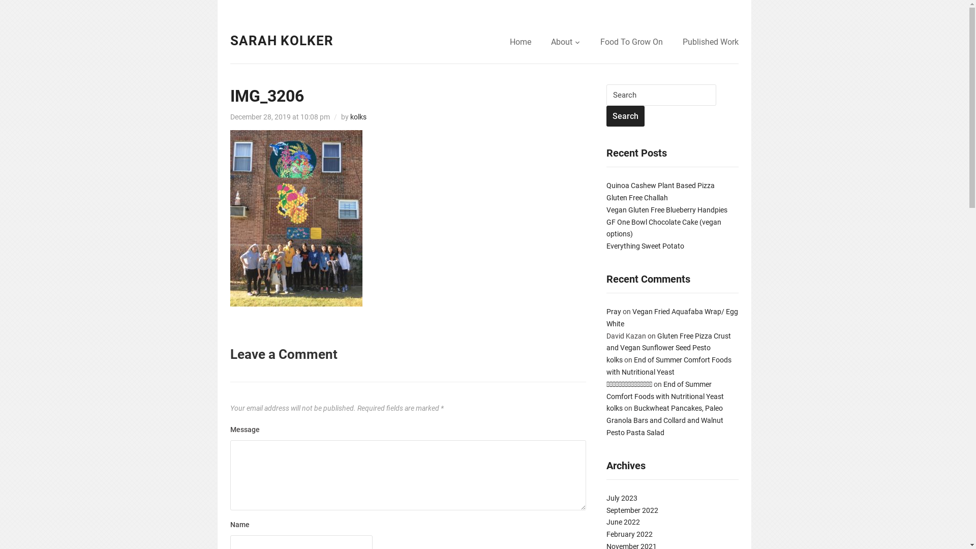 The width and height of the screenshot is (976, 549). I want to click on 'Vegan Gluten Free Blueberry Handpies', so click(666, 209).